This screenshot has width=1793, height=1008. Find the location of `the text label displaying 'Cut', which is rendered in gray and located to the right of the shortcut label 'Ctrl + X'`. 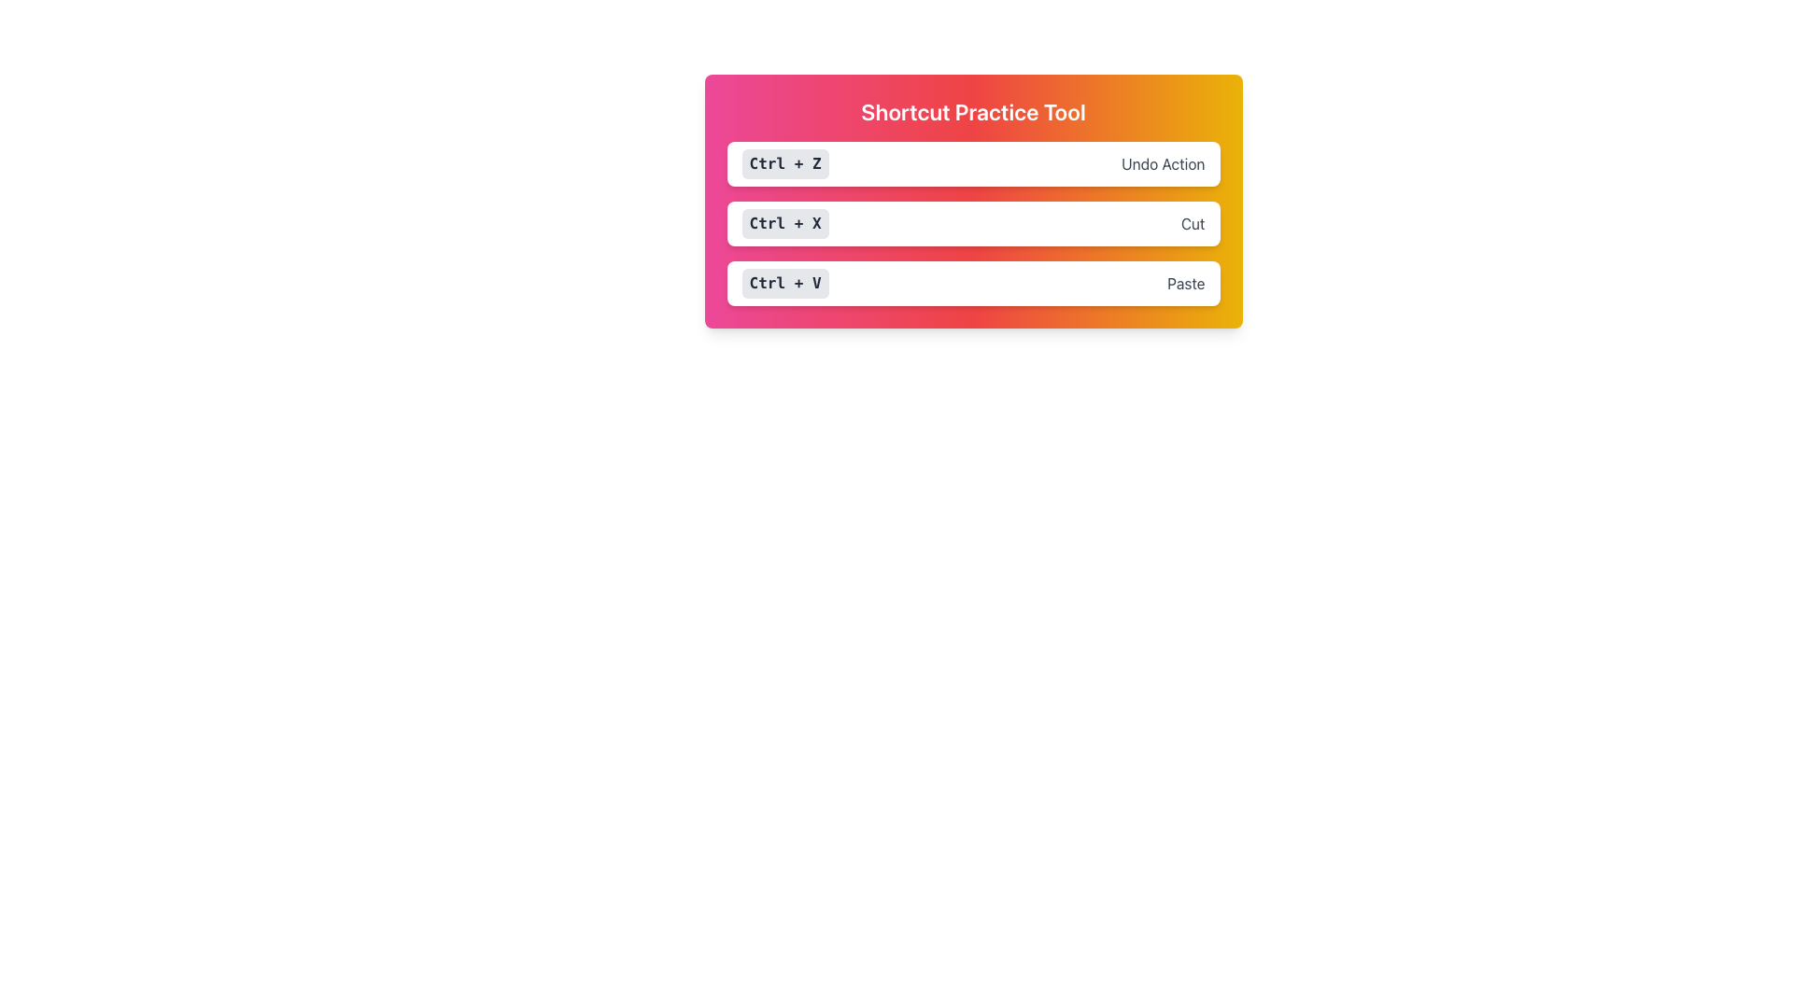

the text label displaying 'Cut', which is rendered in gray and located to the right of the shortcut label 'Ctrl + X' is located at coordinates (1192, 222).